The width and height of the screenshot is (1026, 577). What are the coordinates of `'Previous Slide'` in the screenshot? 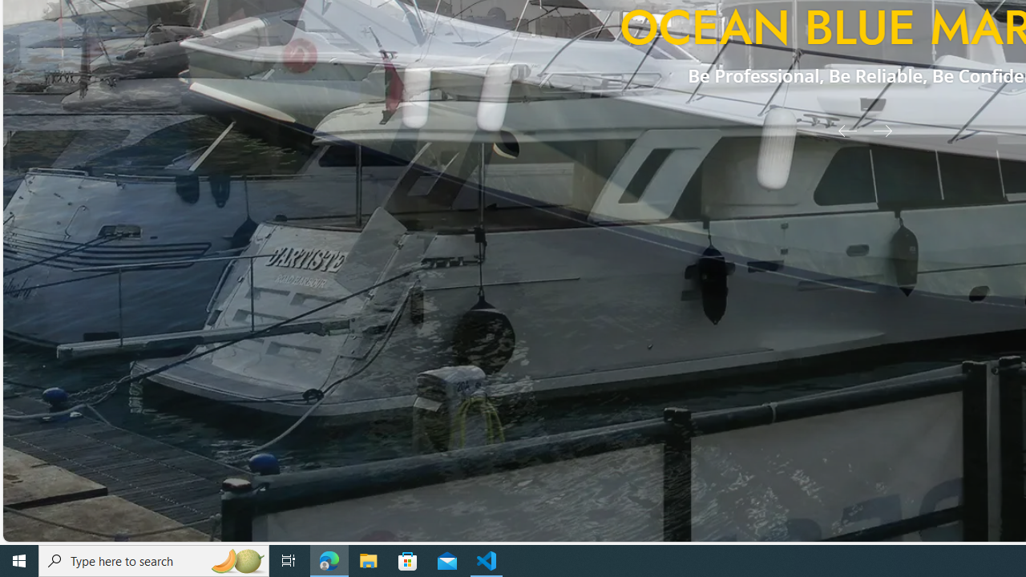 It's located at (841, 129).